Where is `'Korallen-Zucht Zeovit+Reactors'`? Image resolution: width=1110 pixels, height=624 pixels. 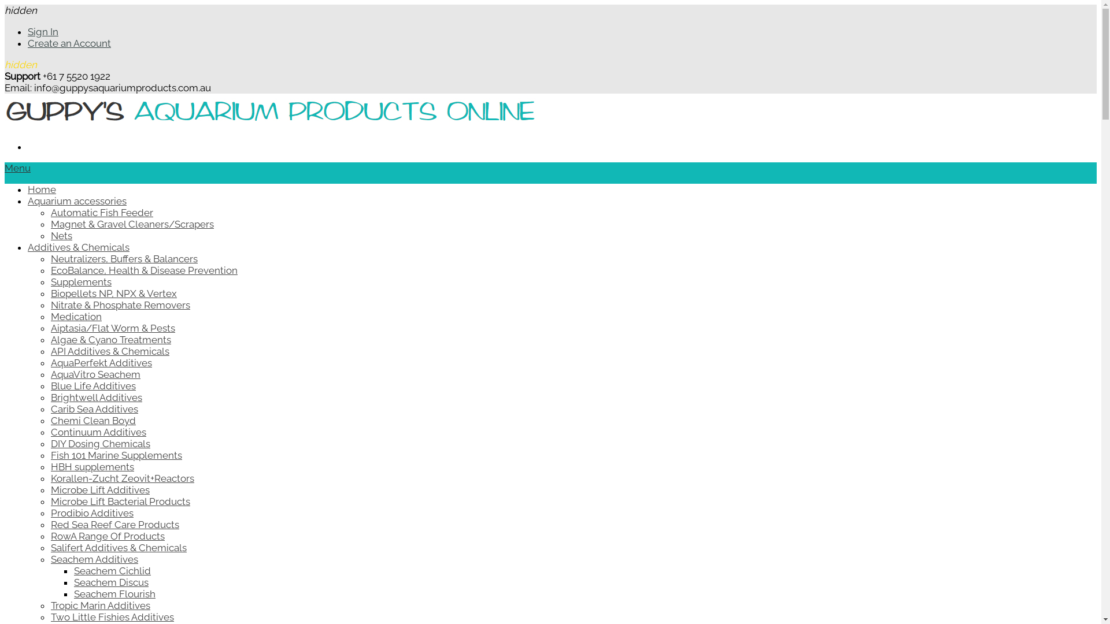
'Korallen-Zucht Zeovit+Reactors' is located at coordinates (122, 478).